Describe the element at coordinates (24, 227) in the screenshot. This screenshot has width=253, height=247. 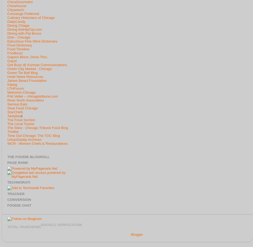
I see `'Total Pageviews'` at that location.